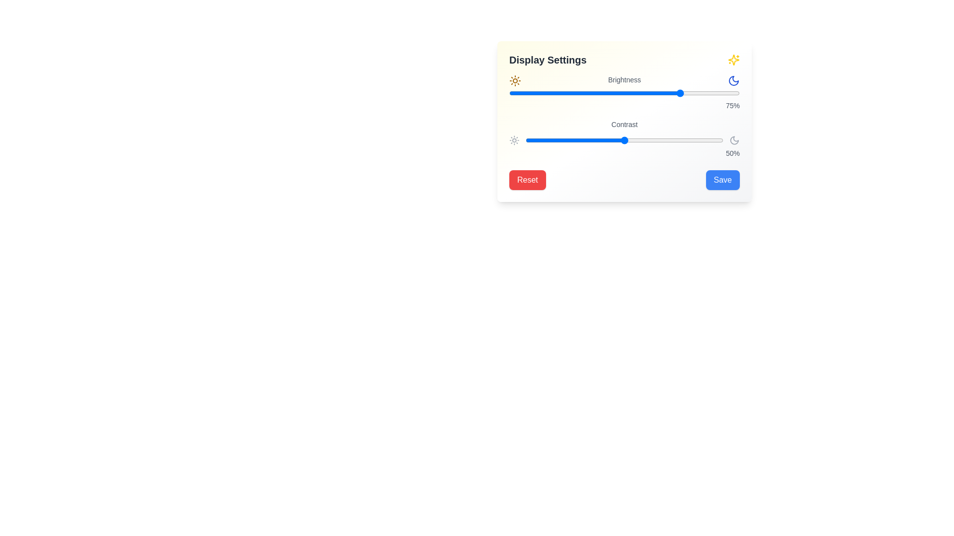 The width and height of the screenshot is (954, 536). I want to click on the contrast, so click(630, 140).